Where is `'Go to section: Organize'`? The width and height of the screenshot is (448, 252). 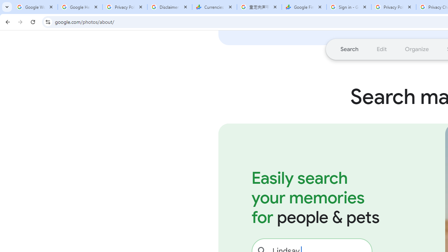 'Go to section: Organize' is located at coordinates (417, 49).